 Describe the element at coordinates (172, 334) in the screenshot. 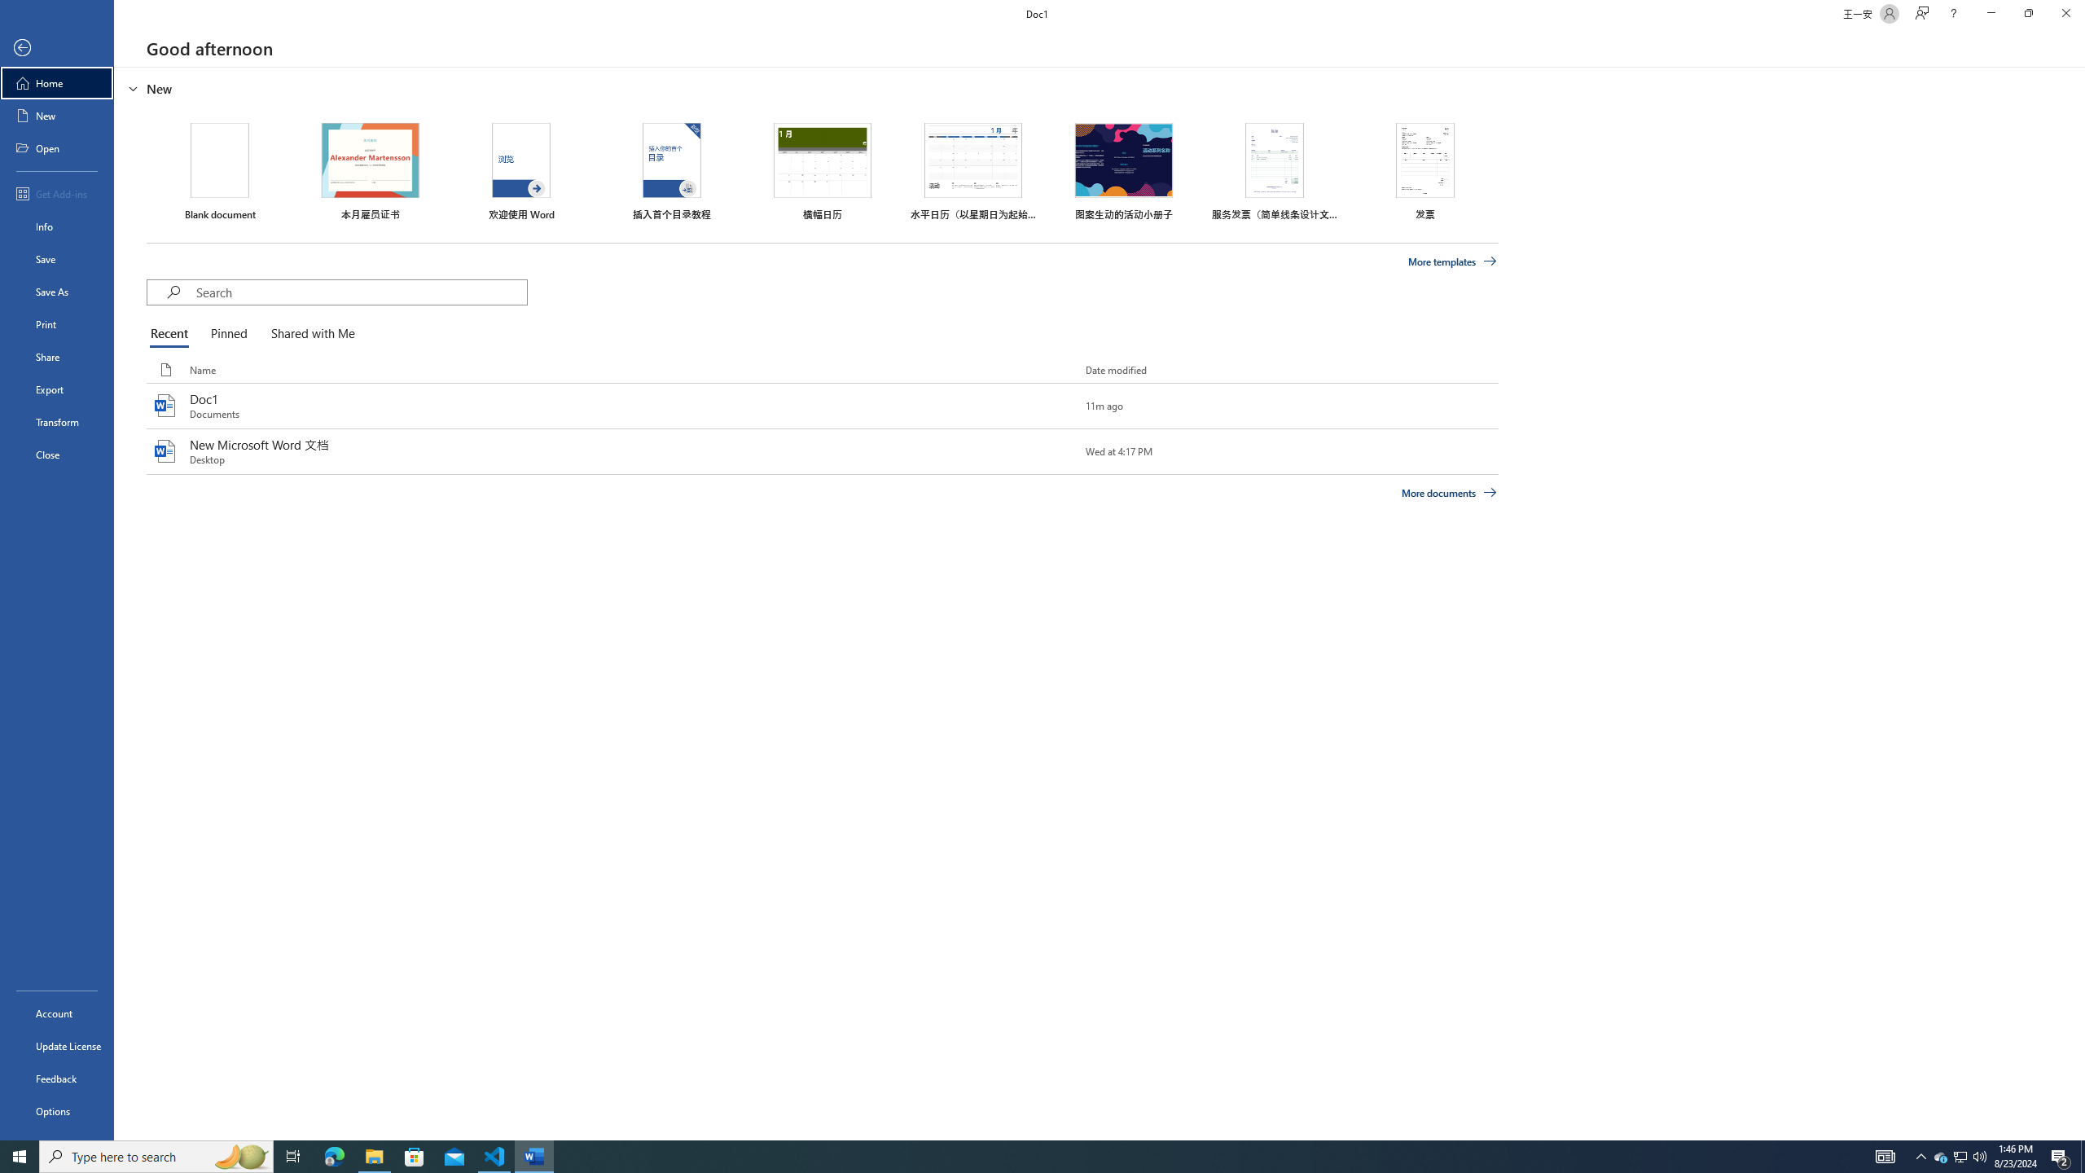

I see `'Recent'` at that location.